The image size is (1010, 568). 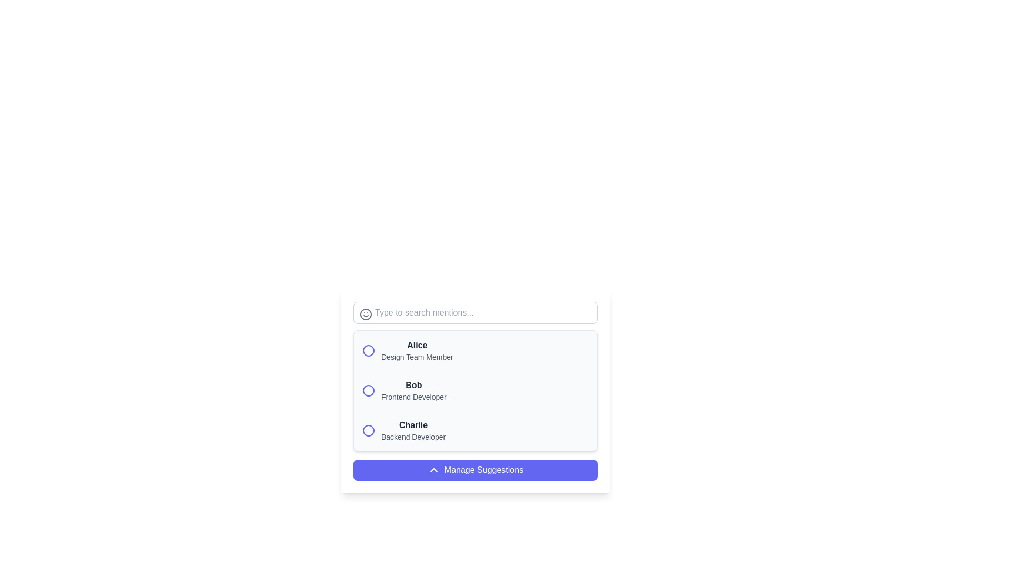 I want to click on the list item named 'Bob', which is the second item in a vertical list, so click(x=474, y=391).